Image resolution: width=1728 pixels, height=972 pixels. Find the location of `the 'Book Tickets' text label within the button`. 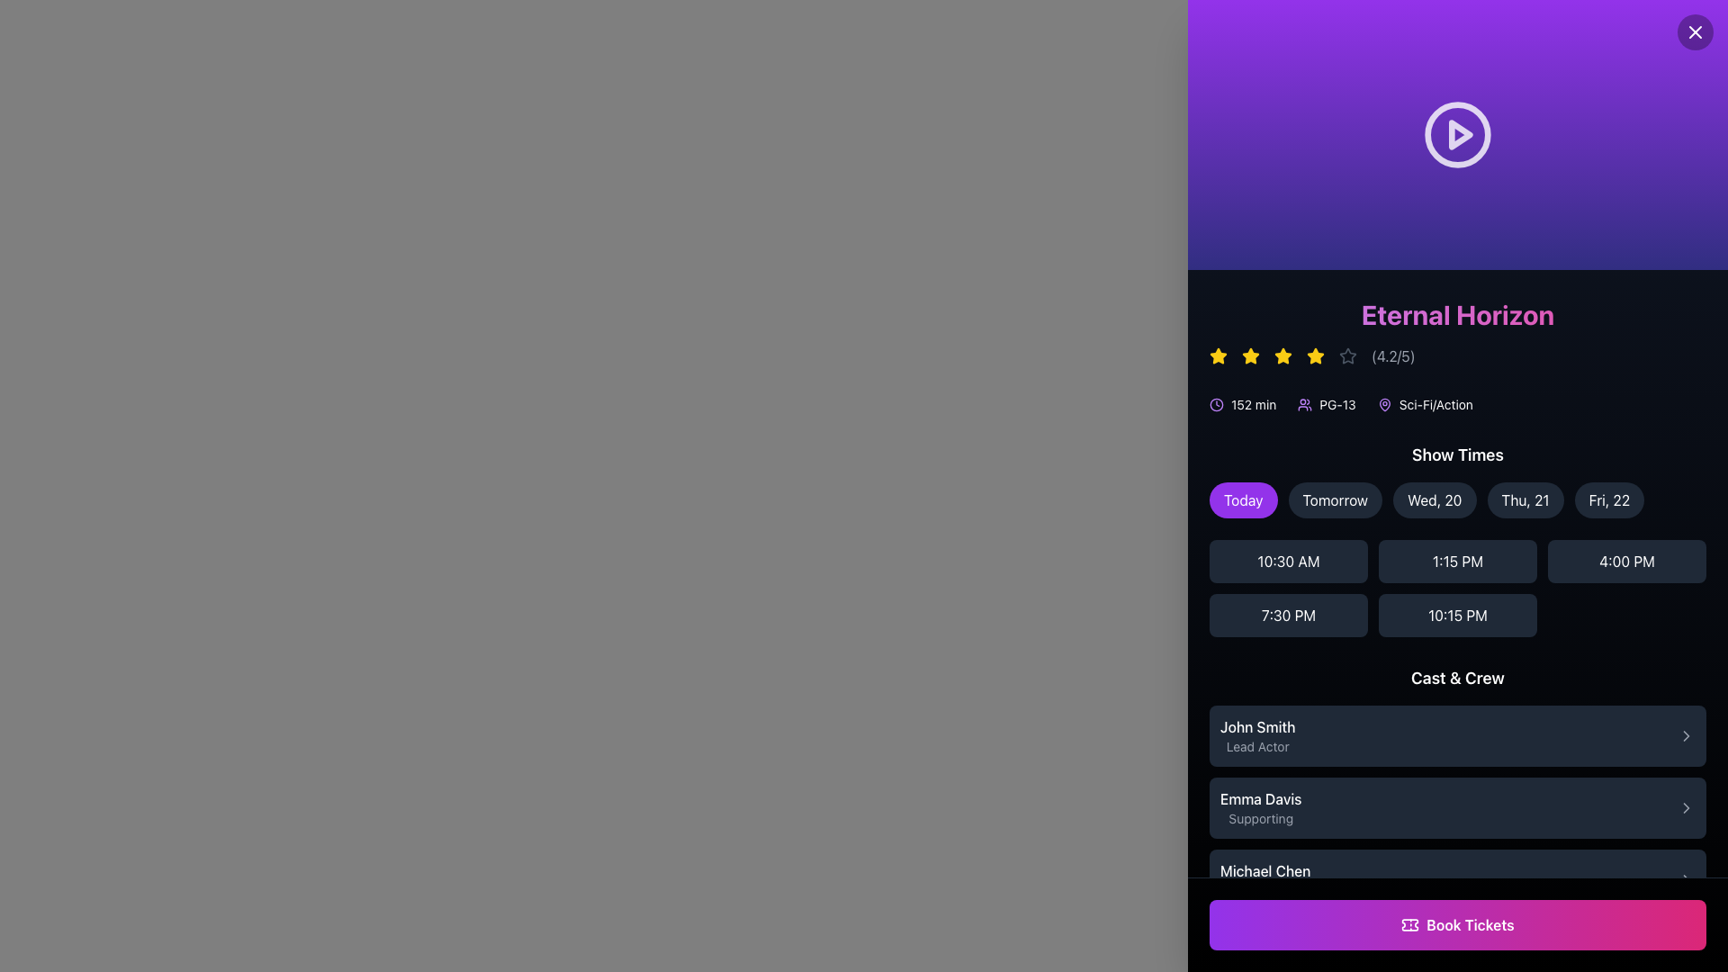

the 'Book Tickets' text label within the button is located at coordinates (1470, 925).